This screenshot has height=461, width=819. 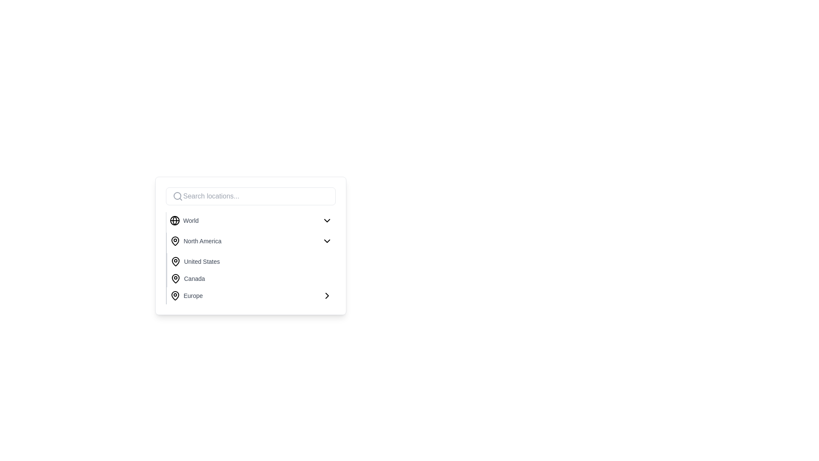 What do you see at coordinates (175, 278) in the screenshot?
I see `the Vector-based map pin icon indicating the 'Canada' option in the dropdown menu` at bounding box center [175, 278].